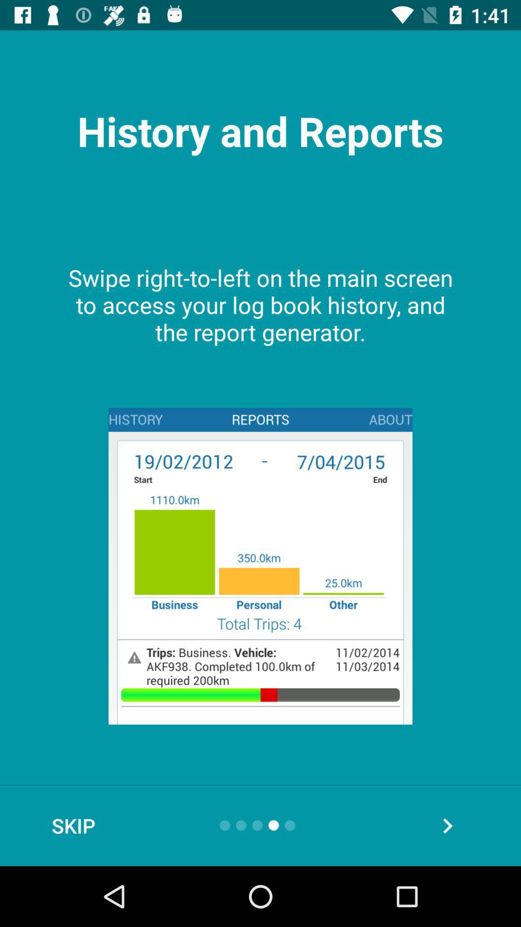 The image size is (521, 927). What do you see at coordinates (73, 825) in the screenshot?
I see `item at the bottom left corner` at bounding box center [73, 825].